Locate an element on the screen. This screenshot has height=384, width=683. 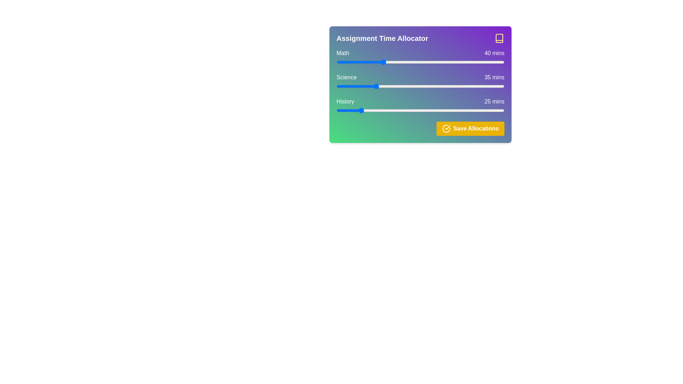
the history allocation time is located at coordinates (413, 111).